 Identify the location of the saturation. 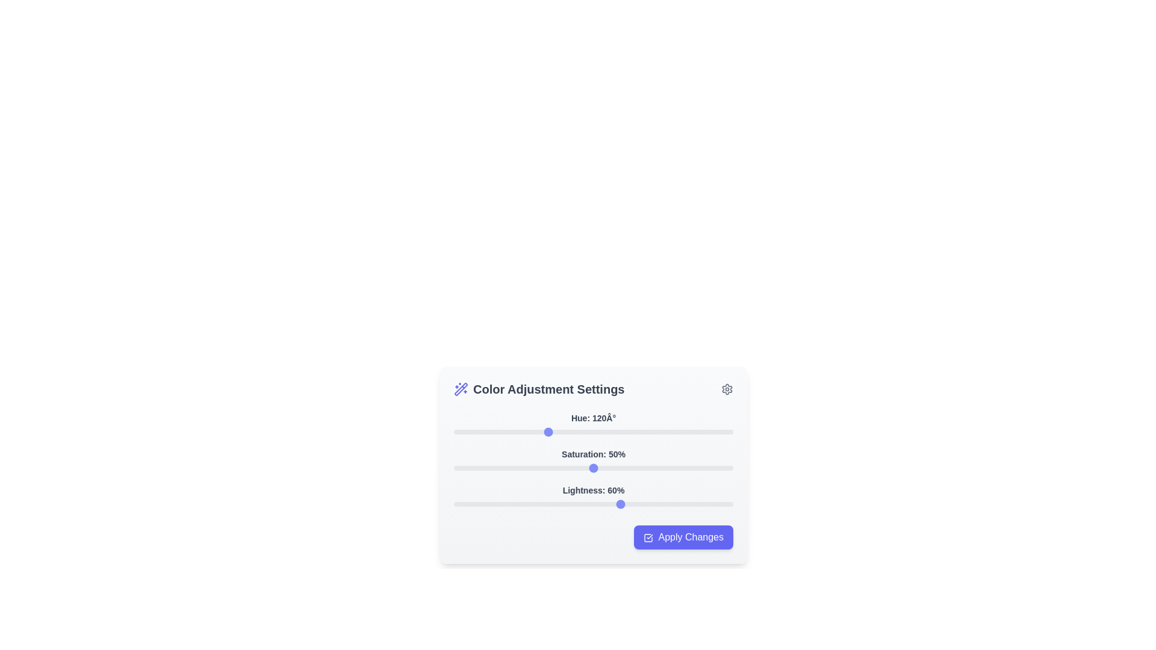
(591, 468).